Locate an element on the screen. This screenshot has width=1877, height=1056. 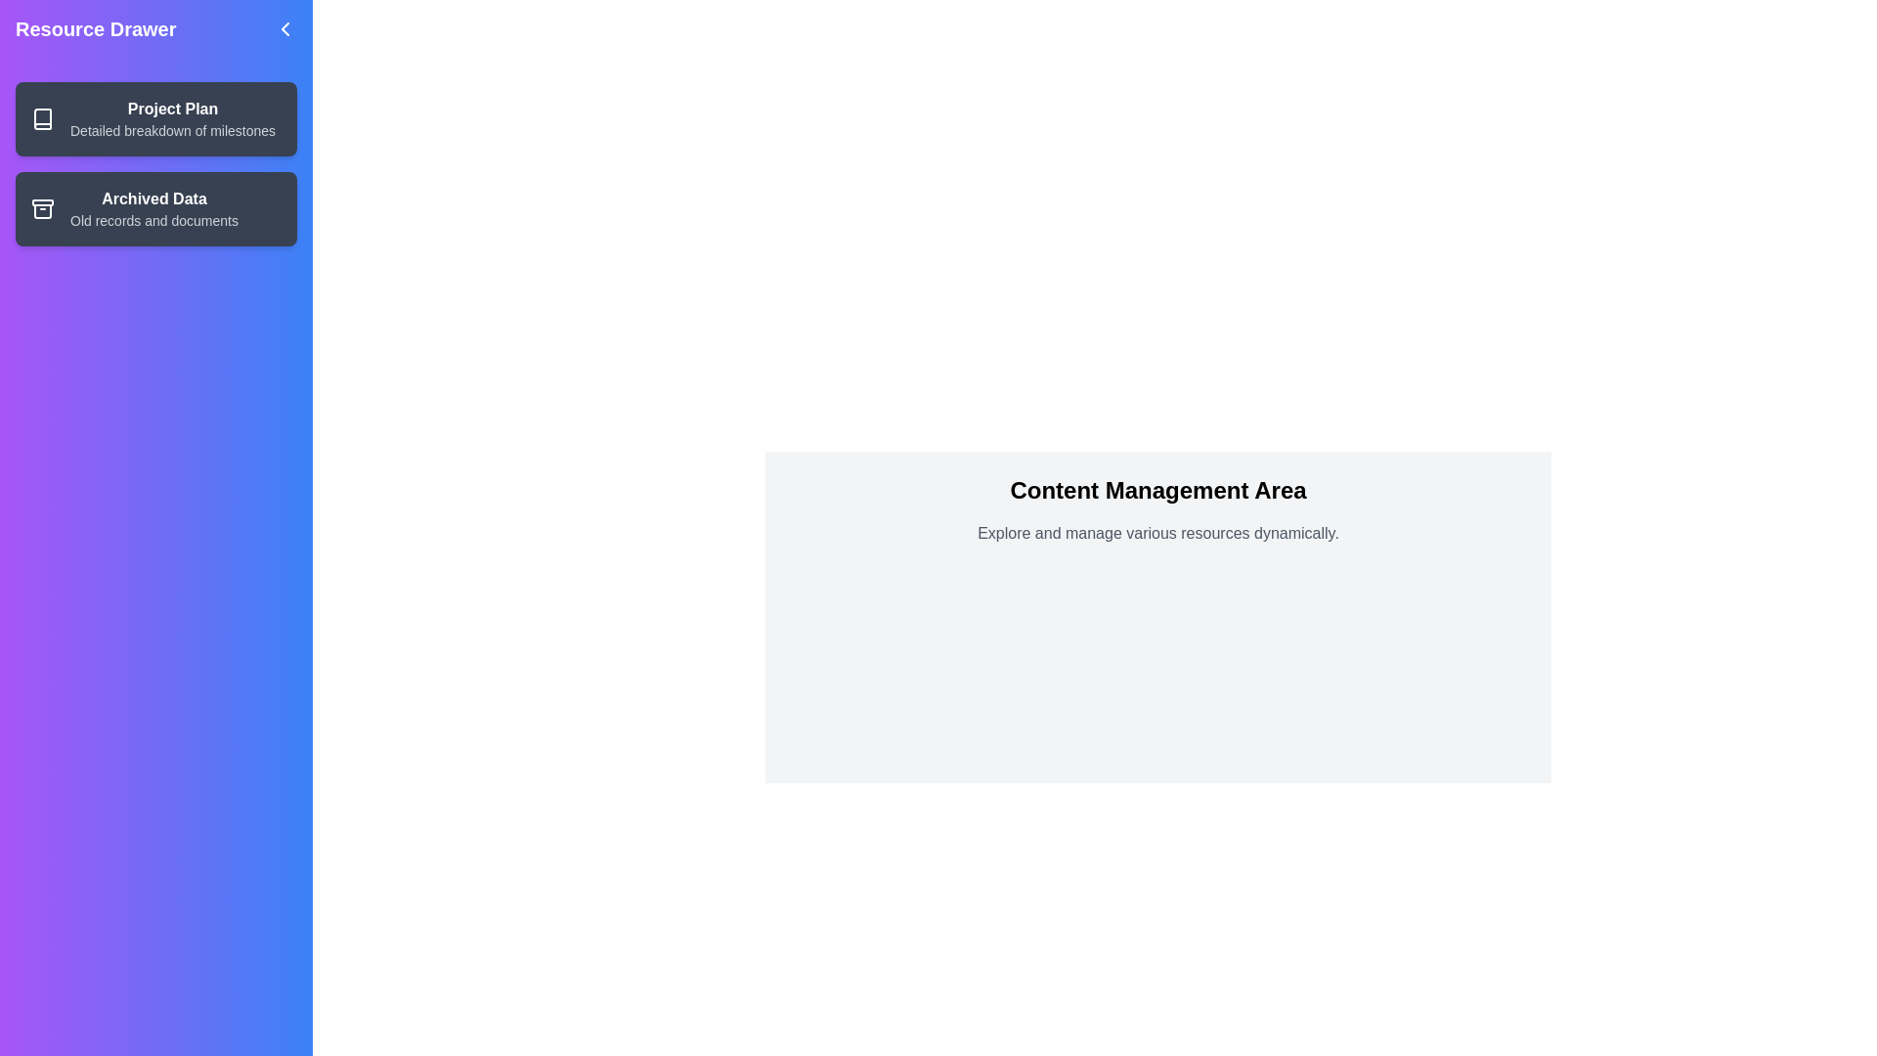
the icon representing Project Plan to interact with it is located at coordinates (42, 119).